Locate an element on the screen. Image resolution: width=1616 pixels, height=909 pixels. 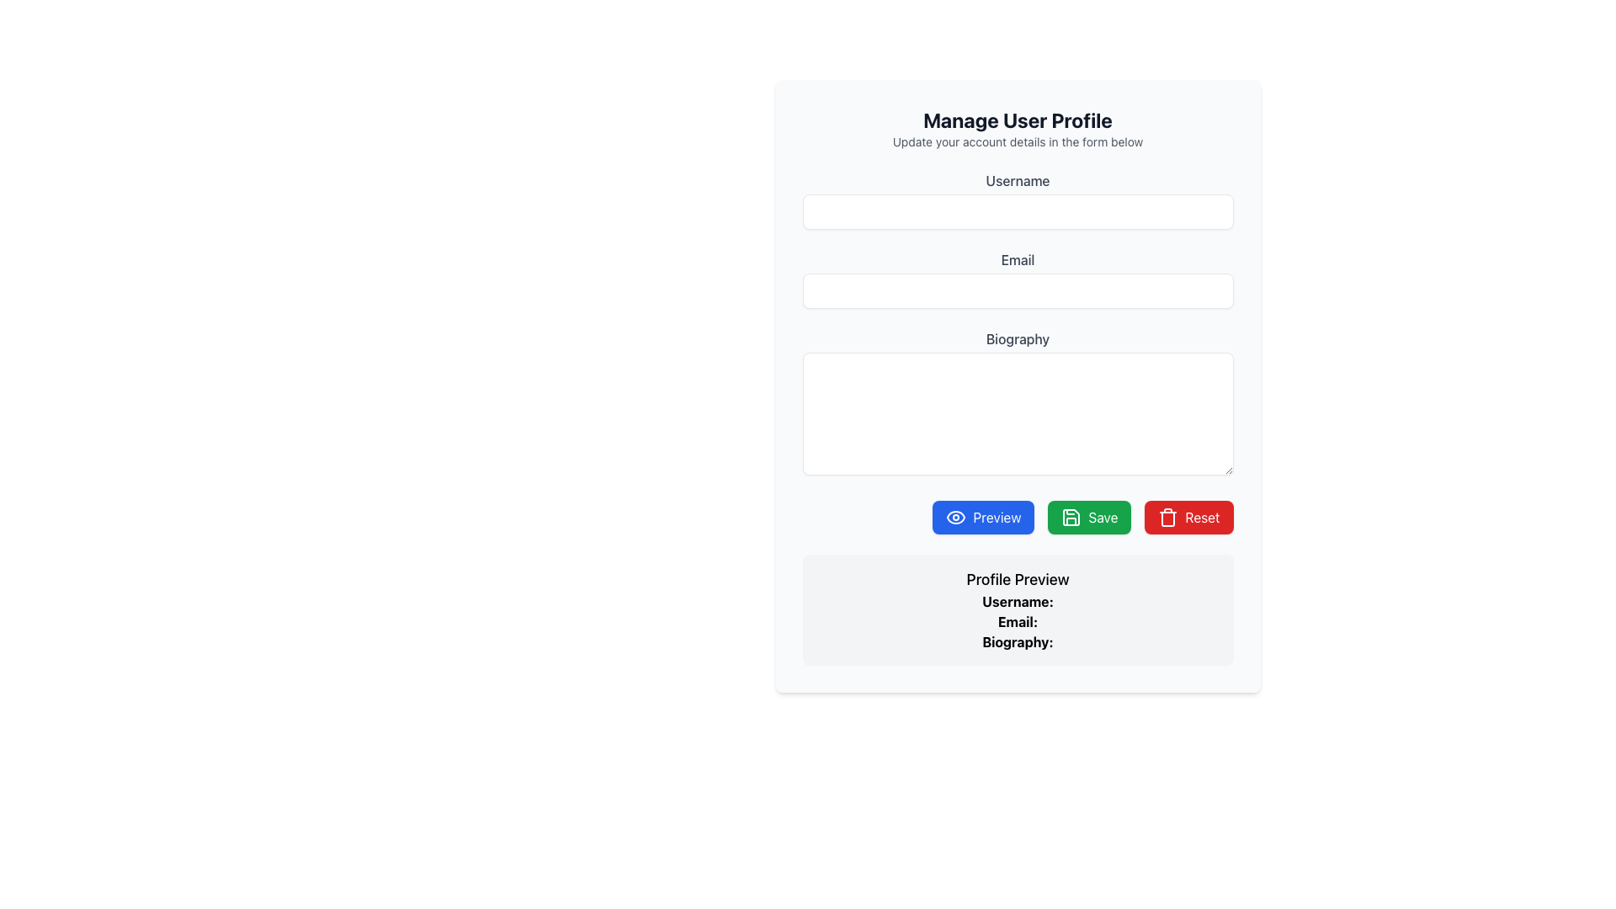
the 'Username:' text label located in the 'Profile Preview' section of the interface, which is positioned above the 'Email:' and 'Biography:' labels is located at coordinates (1017, 600).